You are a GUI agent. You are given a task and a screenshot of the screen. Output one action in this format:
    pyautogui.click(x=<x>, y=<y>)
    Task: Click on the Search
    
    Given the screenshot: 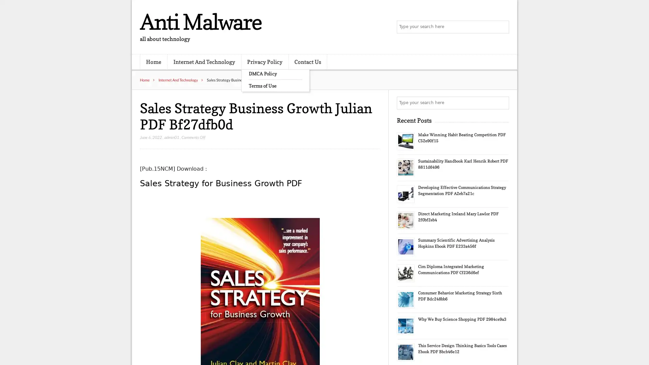 What is the action you would take?
    pyautogui.click(x=502, y=27)
    